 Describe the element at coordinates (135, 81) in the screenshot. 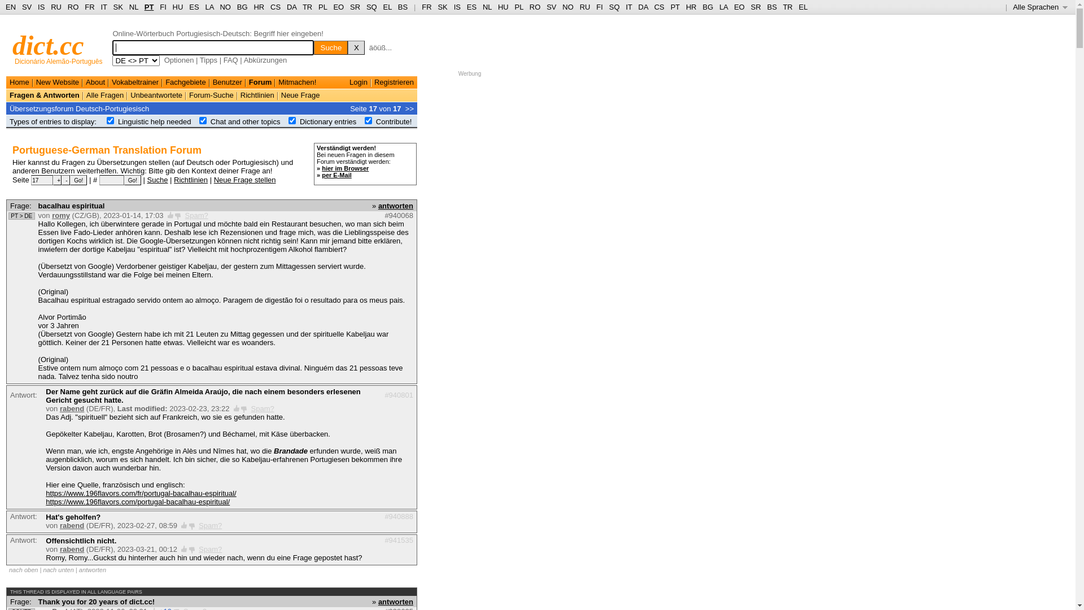

I see `'Vokabeltrainer'` at that location.